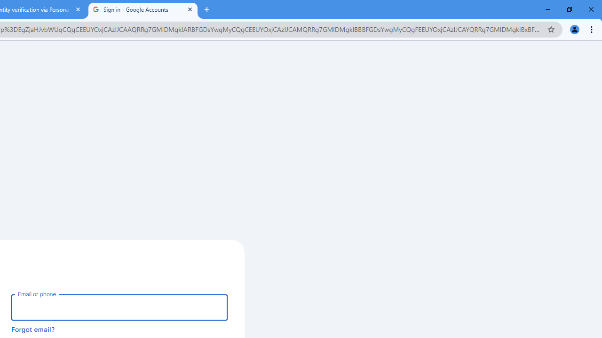  Describe the element at coordinates (119, 307) in the screenshot. I see `'Email or phone'` at that location.